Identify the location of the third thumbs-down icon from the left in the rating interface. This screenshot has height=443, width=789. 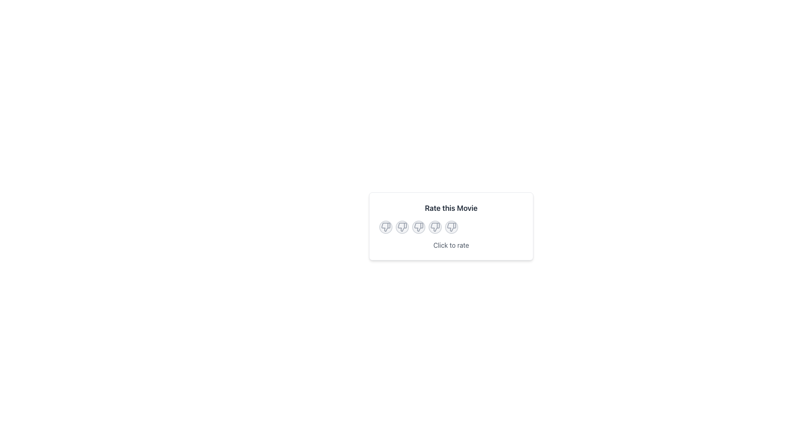
(418, 227).